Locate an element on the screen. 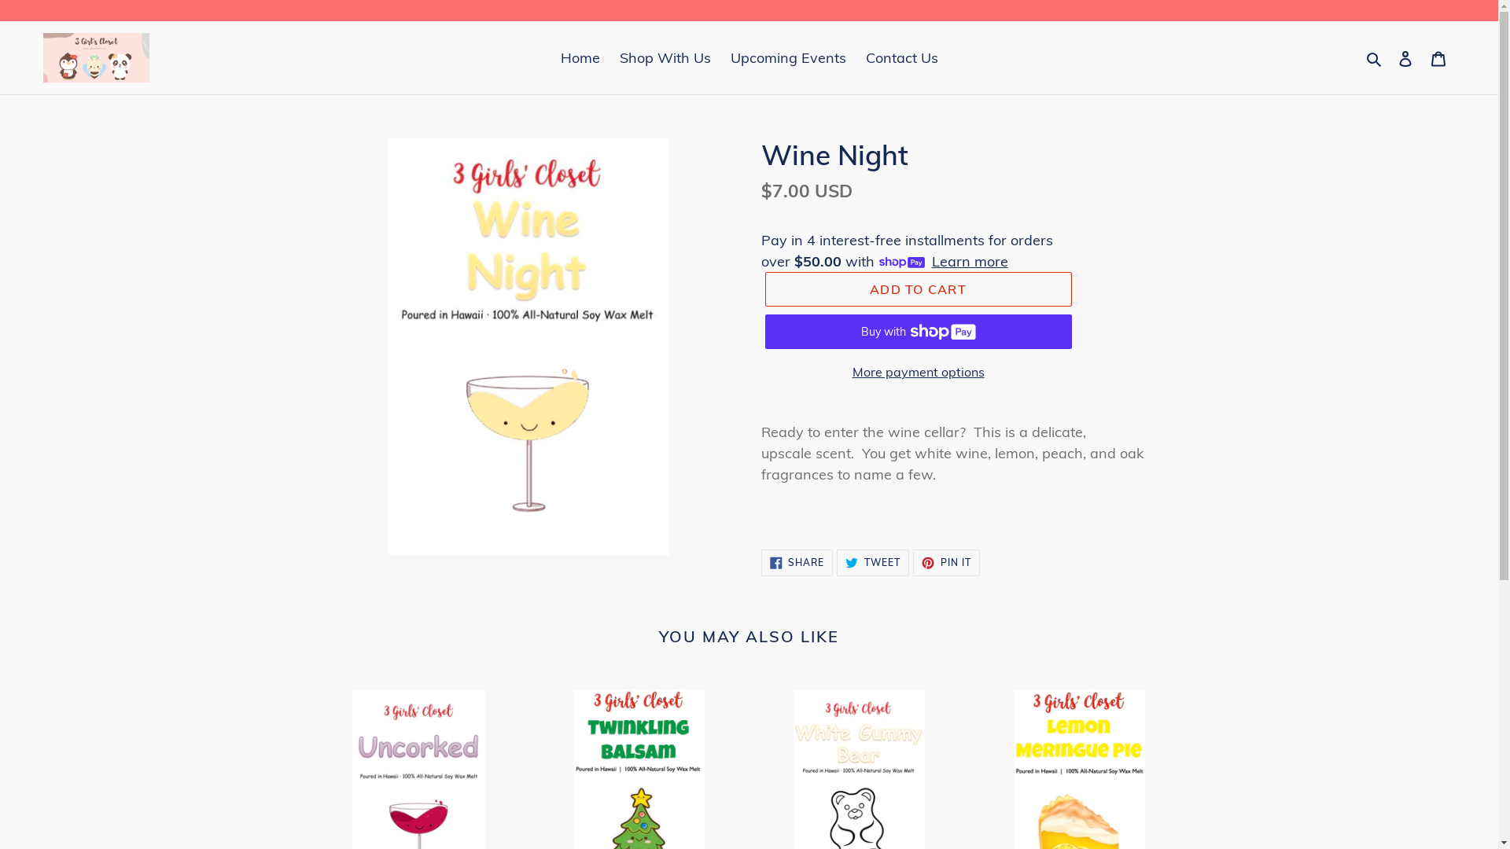  'ADD TO CART' is located at coordinates (917, 289).